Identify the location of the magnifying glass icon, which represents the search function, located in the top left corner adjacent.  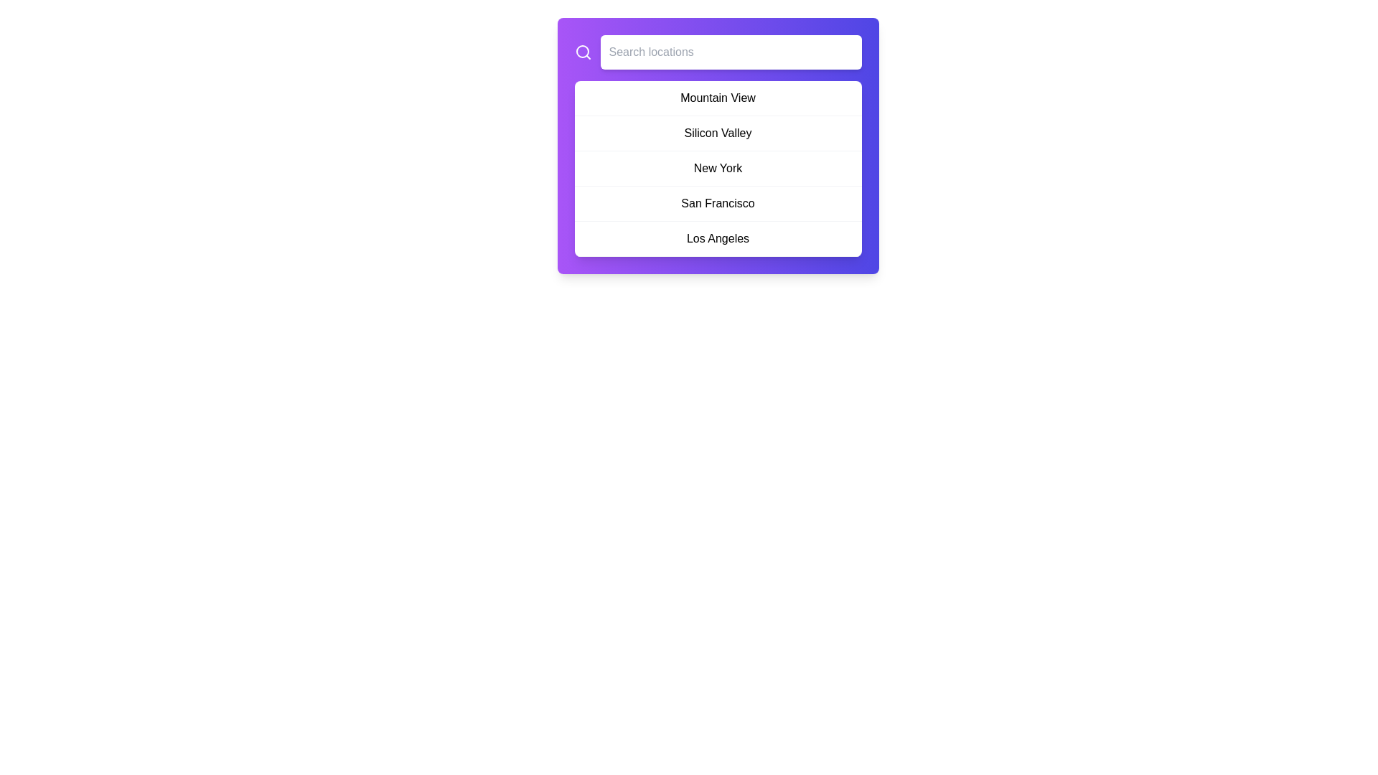
(583, 52).